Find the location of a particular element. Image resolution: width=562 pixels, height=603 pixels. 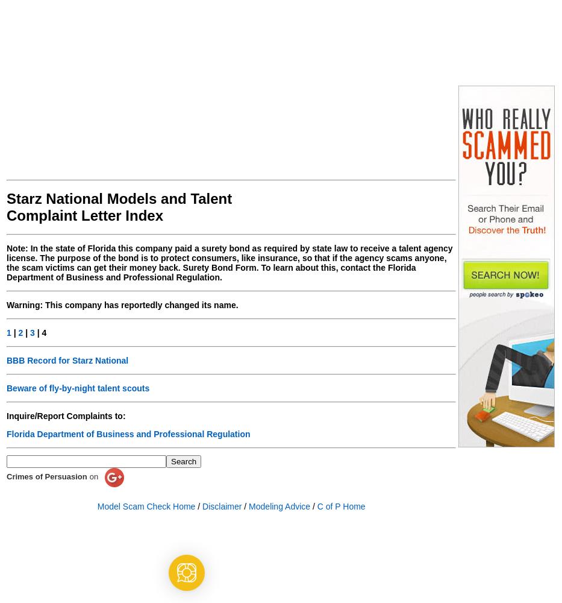

'Starz National Models and Talent' is located at coordinates (119, 198).